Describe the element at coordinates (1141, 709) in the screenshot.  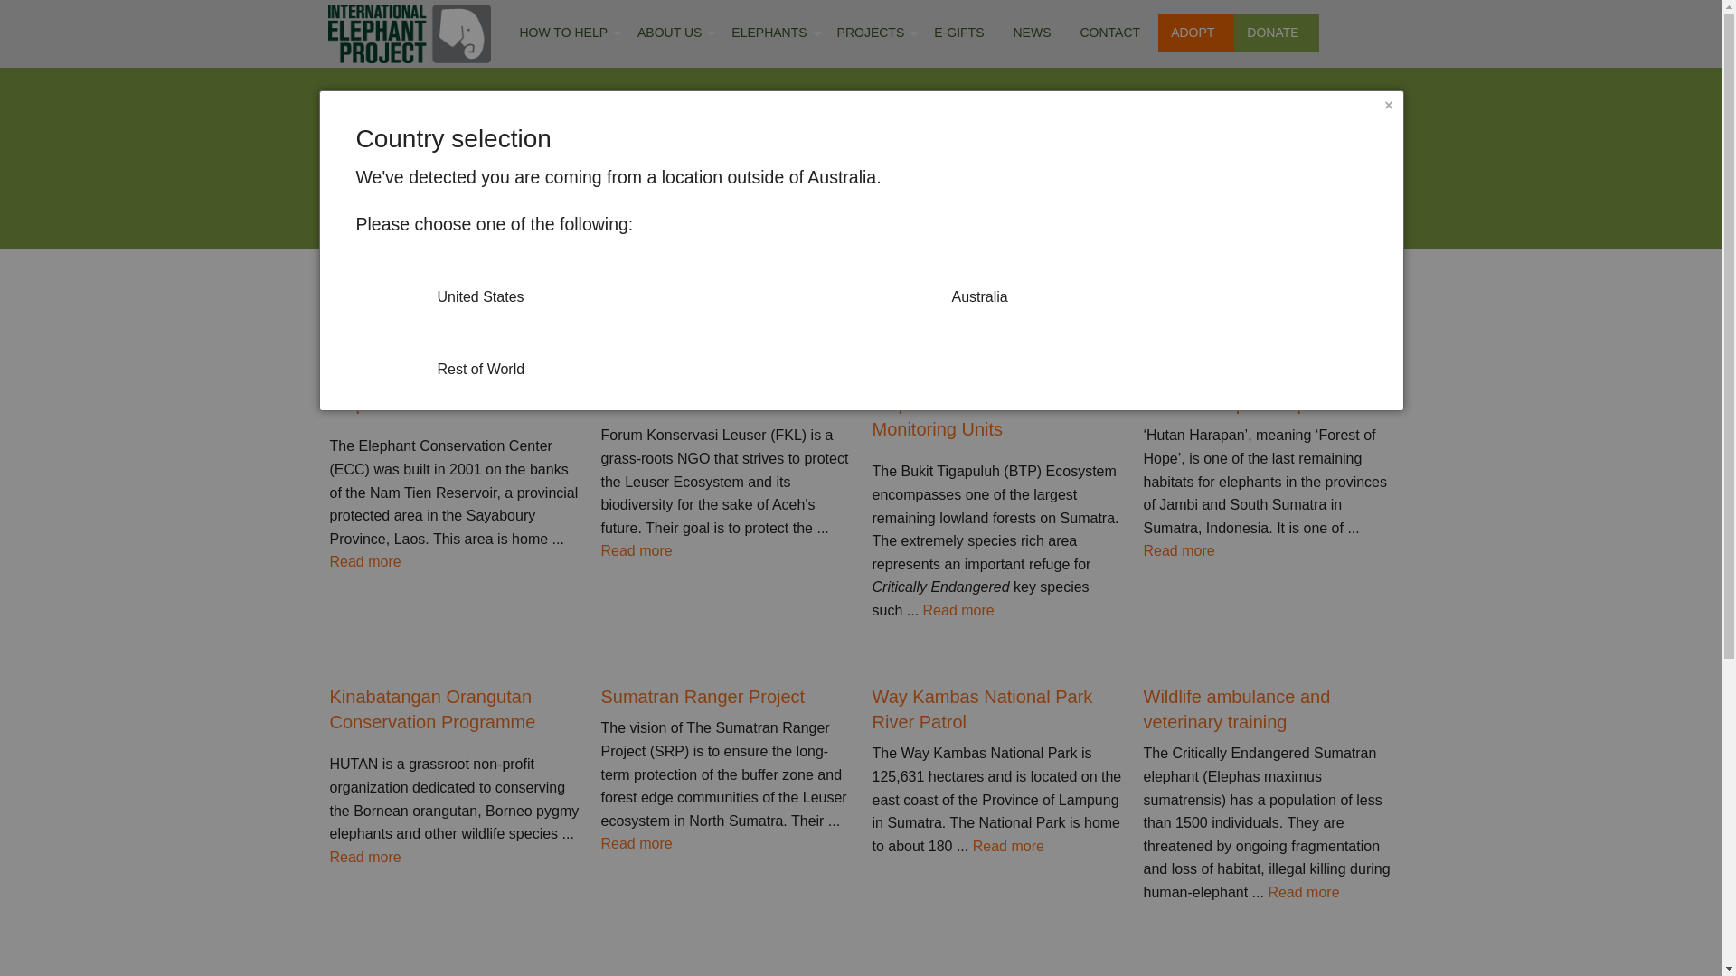
I see `'Wildlife ambulance and veterinary training'` at that location.